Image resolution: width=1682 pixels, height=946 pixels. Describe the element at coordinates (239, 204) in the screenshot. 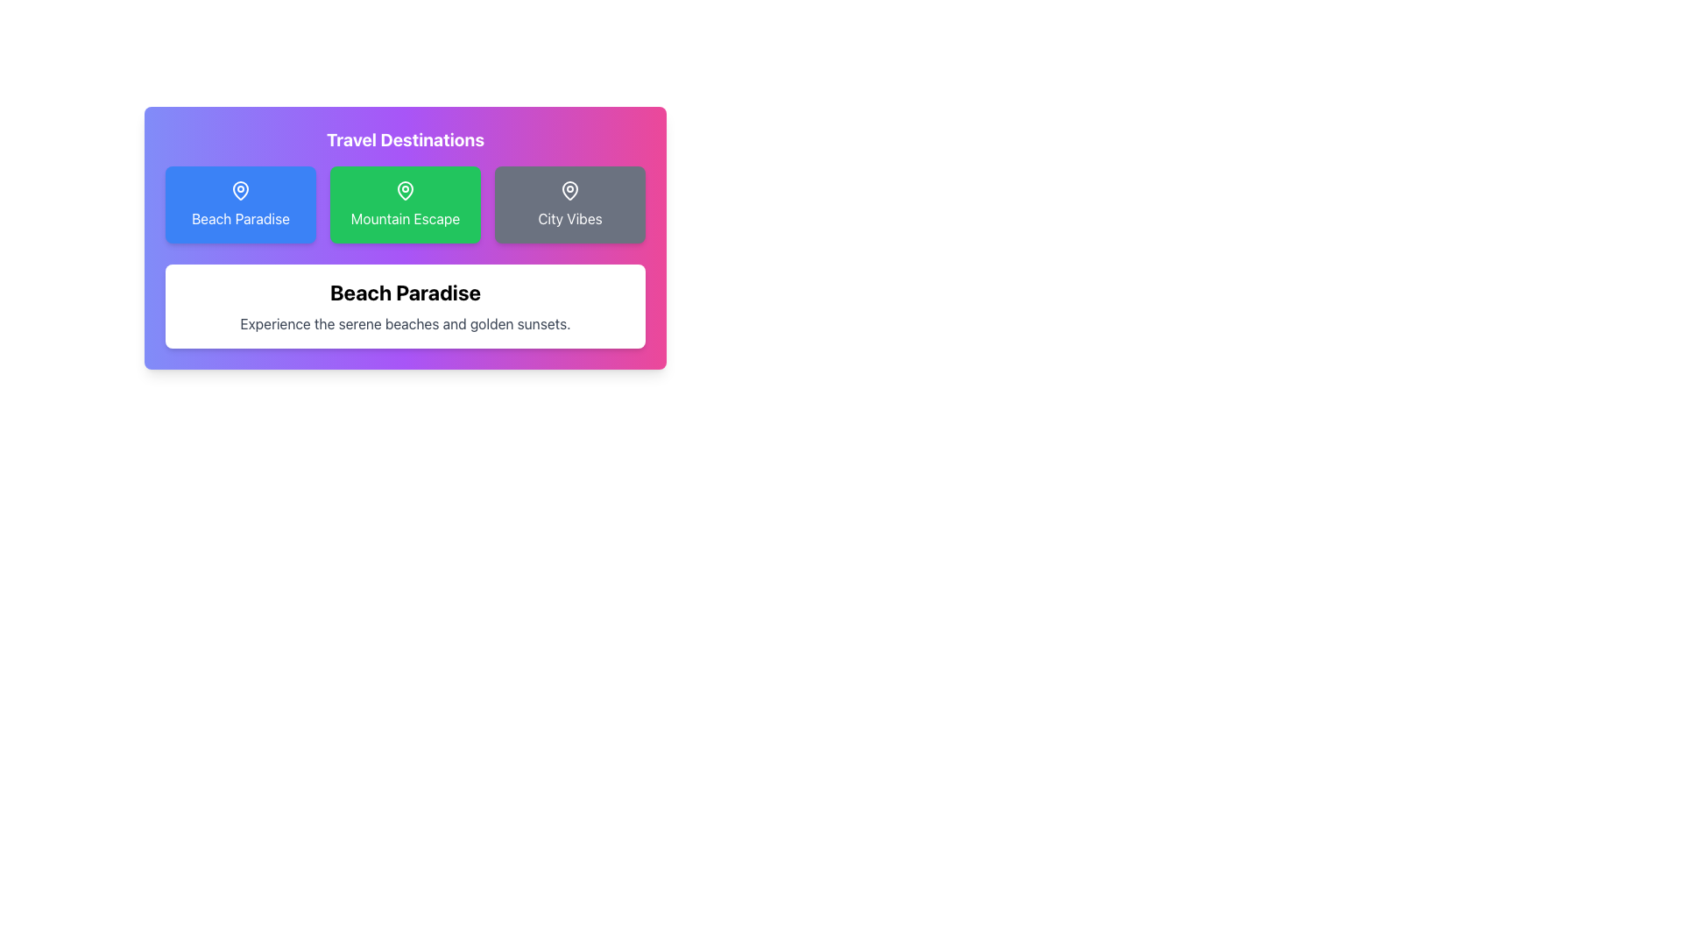

I see `the 'Beach Paradise' button located in the top-left quadrant of the interface to visualize the tooltip or animation` at that location.